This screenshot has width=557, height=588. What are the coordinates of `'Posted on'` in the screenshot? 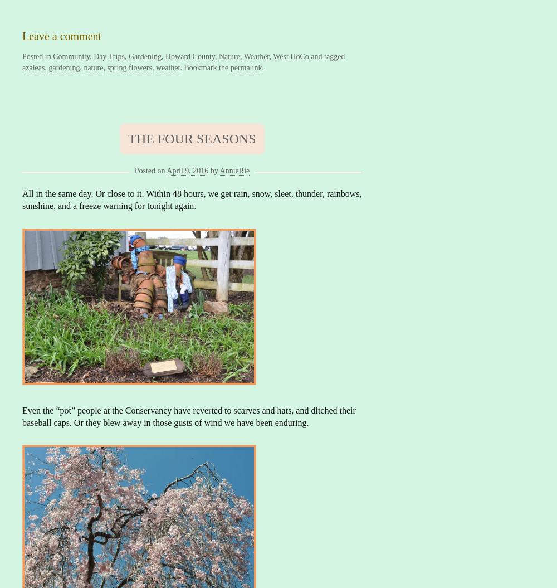 It's located at (149, 170).